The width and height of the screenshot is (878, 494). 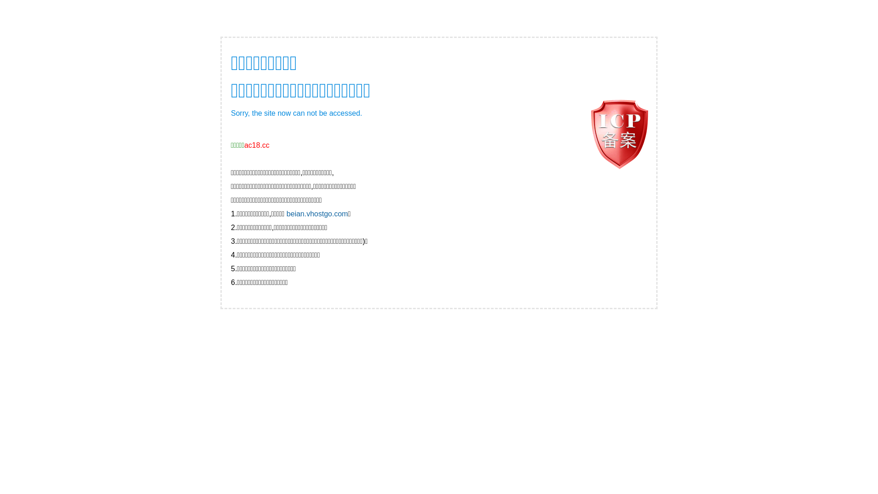 What do you see at coordinates (317, 214) in the screenshot?
I see `'beian.vhostgo.com'` at bounding box center [317, 214].